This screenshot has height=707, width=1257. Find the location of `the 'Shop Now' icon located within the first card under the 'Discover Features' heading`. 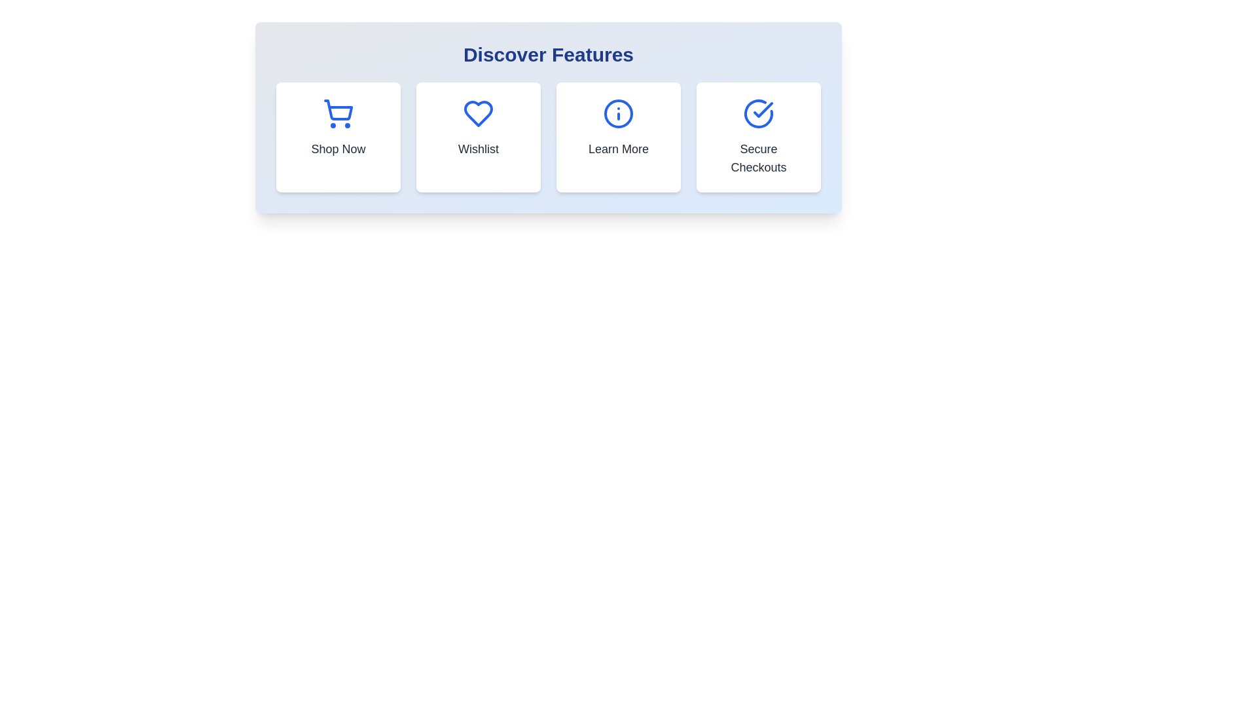

the 'Shop Now' icon located within the first card under the 'Discover Features' heading is located at coordinates (338, 113).